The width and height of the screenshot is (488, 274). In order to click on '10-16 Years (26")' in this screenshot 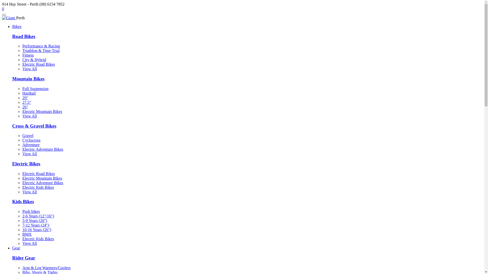, I will do `click(36, 230)`.